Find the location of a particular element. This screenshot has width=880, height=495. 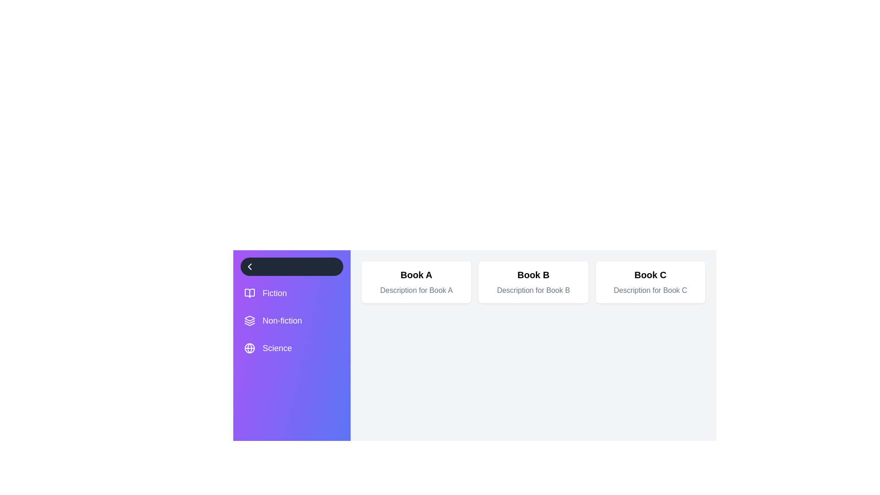

the category Non-fiction to view its hover effect is located at coordinates (291, 320).